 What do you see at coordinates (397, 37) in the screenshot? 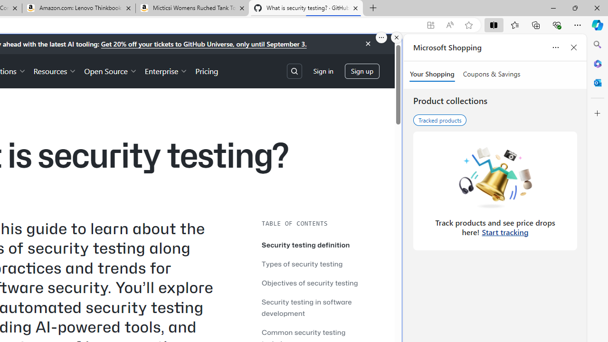
I see `'Close split screen.'` at bounding box center [397, 37].